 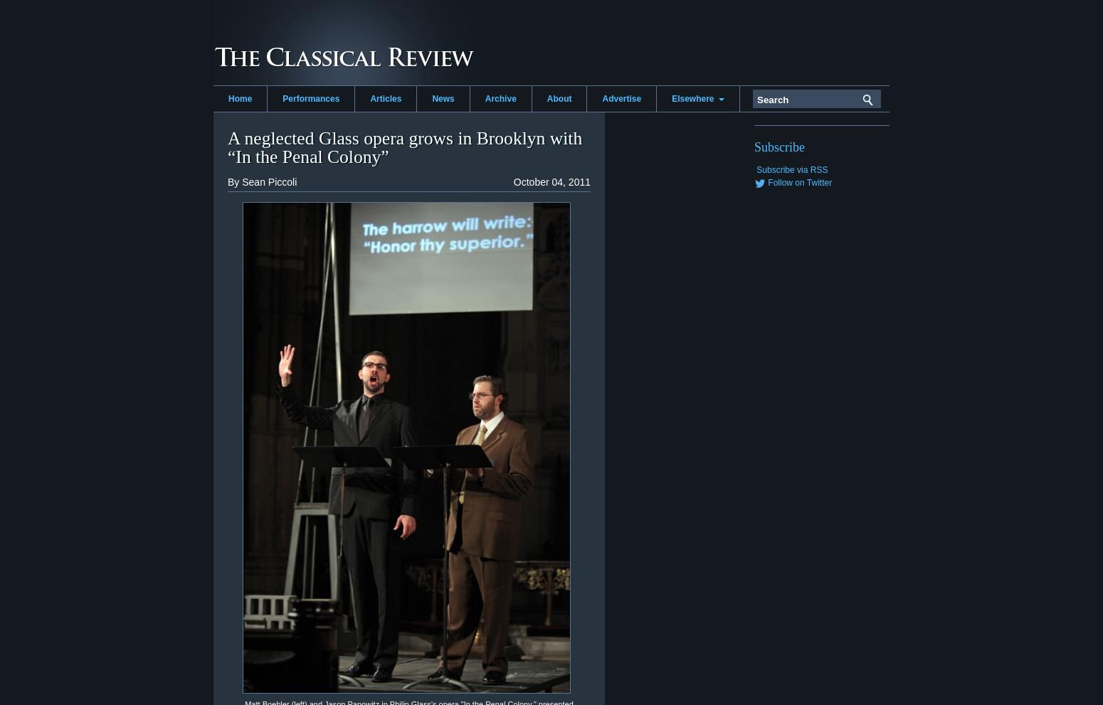 I want to click on 'Archive', so click(x=500, y=99).